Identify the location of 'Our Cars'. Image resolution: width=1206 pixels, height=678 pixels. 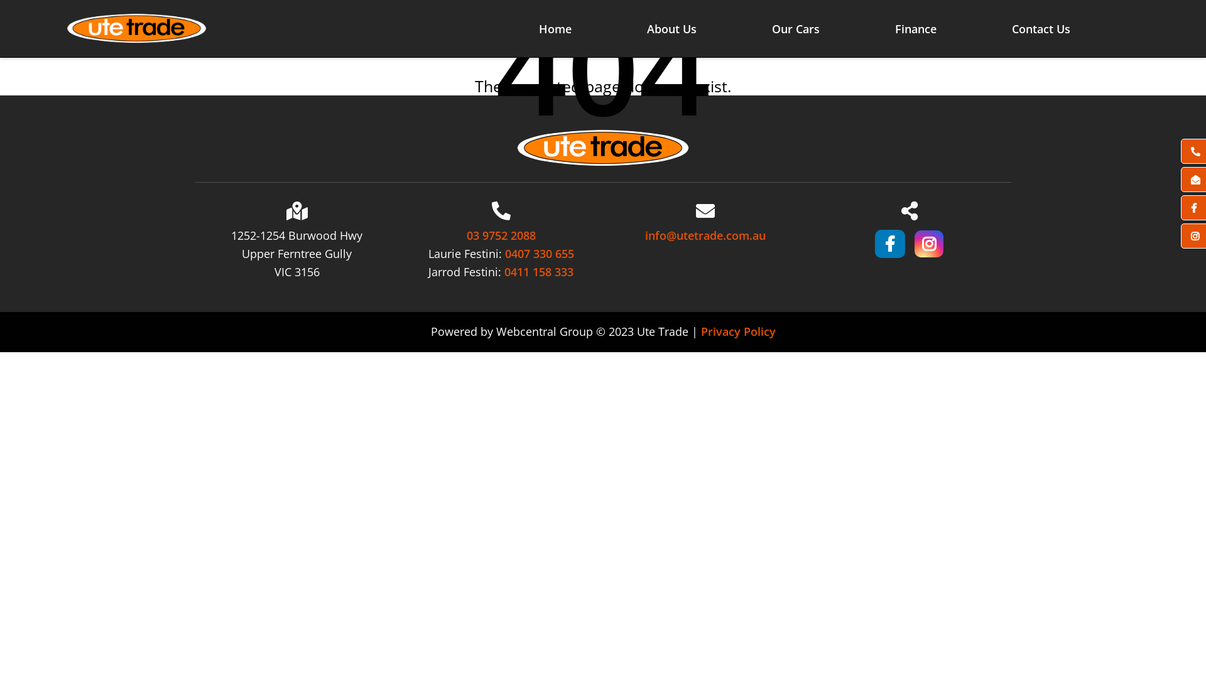
(795, 28).